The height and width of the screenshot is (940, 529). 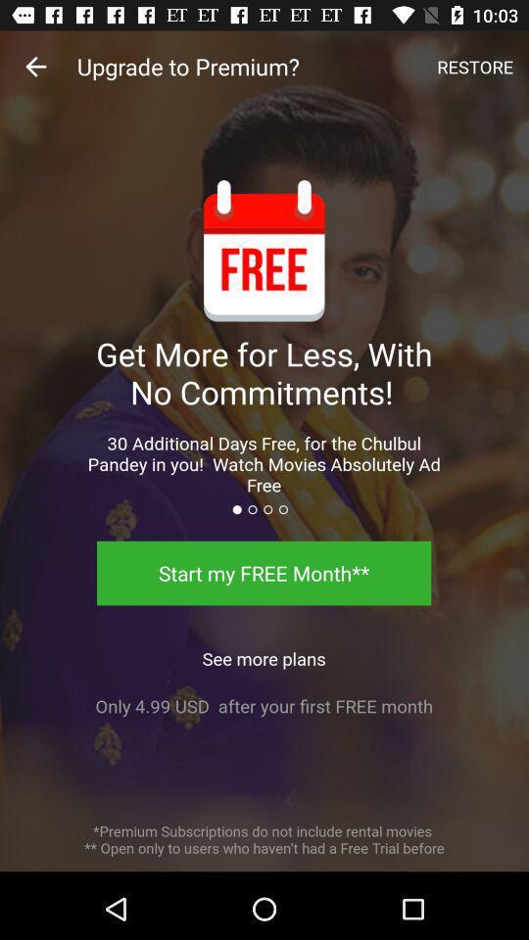 What do you see at coordinates (264, 653) in the screenshot?
I see `the icon above the only 4 99` at bounding box center [264, 653].